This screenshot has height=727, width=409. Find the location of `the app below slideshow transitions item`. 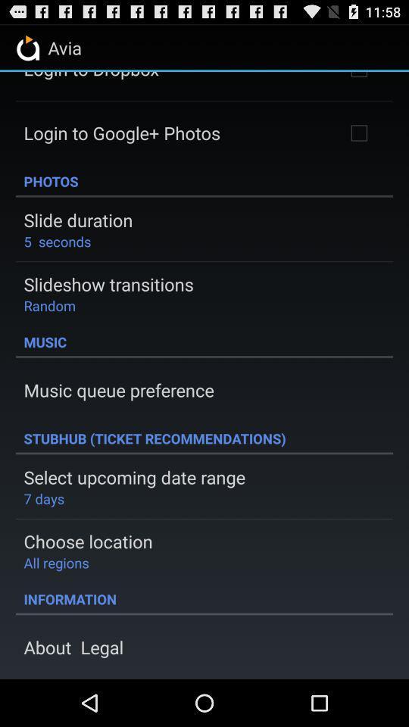

the app below slideshow transitions item is located at coordinates (49, 304).